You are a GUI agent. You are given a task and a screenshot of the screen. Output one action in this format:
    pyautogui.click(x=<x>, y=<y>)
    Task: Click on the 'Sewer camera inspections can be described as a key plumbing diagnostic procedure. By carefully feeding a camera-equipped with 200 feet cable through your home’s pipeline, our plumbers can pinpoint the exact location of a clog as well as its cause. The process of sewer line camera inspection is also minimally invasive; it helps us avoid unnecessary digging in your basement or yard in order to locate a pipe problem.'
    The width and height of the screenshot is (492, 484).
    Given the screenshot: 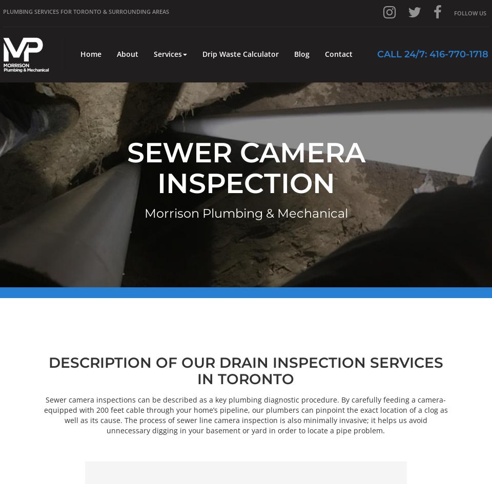 What is the action you would take?
    pyautogui.click(x=245, y=414)
    